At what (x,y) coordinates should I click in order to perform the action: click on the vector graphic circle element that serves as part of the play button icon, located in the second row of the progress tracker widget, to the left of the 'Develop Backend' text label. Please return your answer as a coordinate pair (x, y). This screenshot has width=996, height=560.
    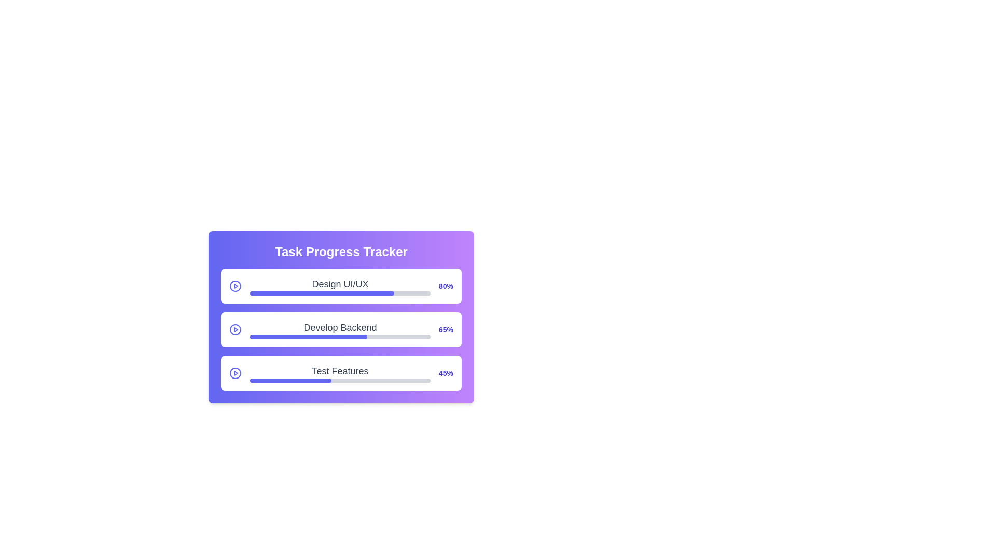
    Looking at the image, I should click on (235, 330).